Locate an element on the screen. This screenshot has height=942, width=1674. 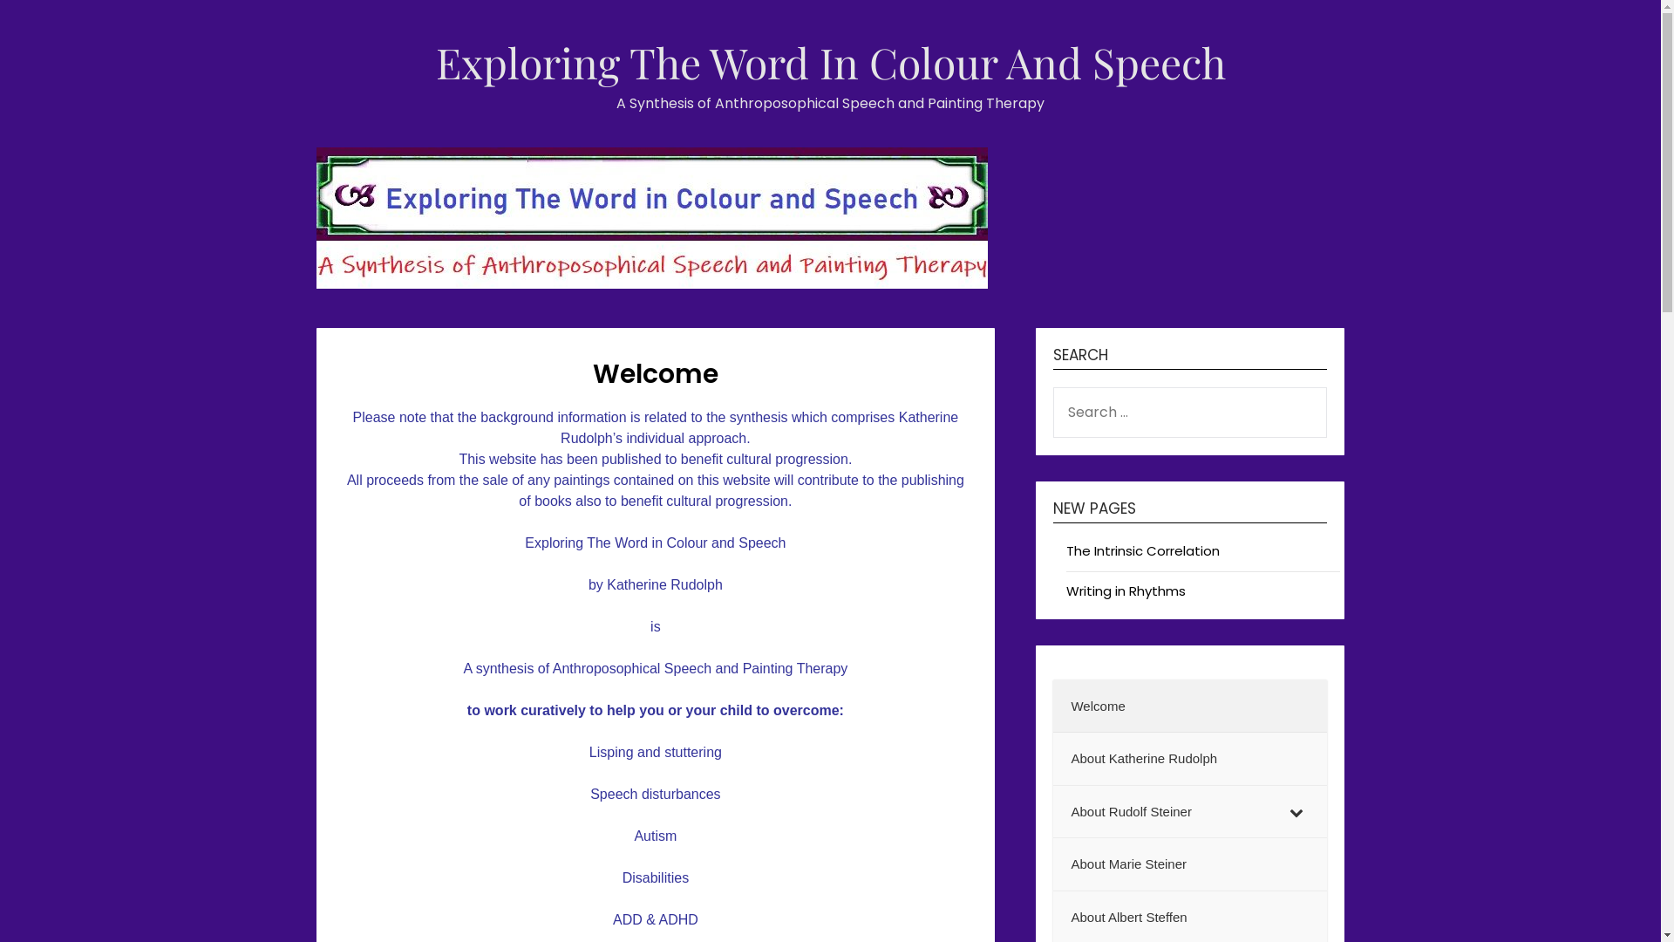
'The Intrinsic Correlation' is located at coordinates (1142, 550).